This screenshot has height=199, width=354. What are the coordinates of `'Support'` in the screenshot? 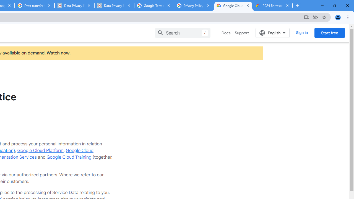 It's located at (242, 33).